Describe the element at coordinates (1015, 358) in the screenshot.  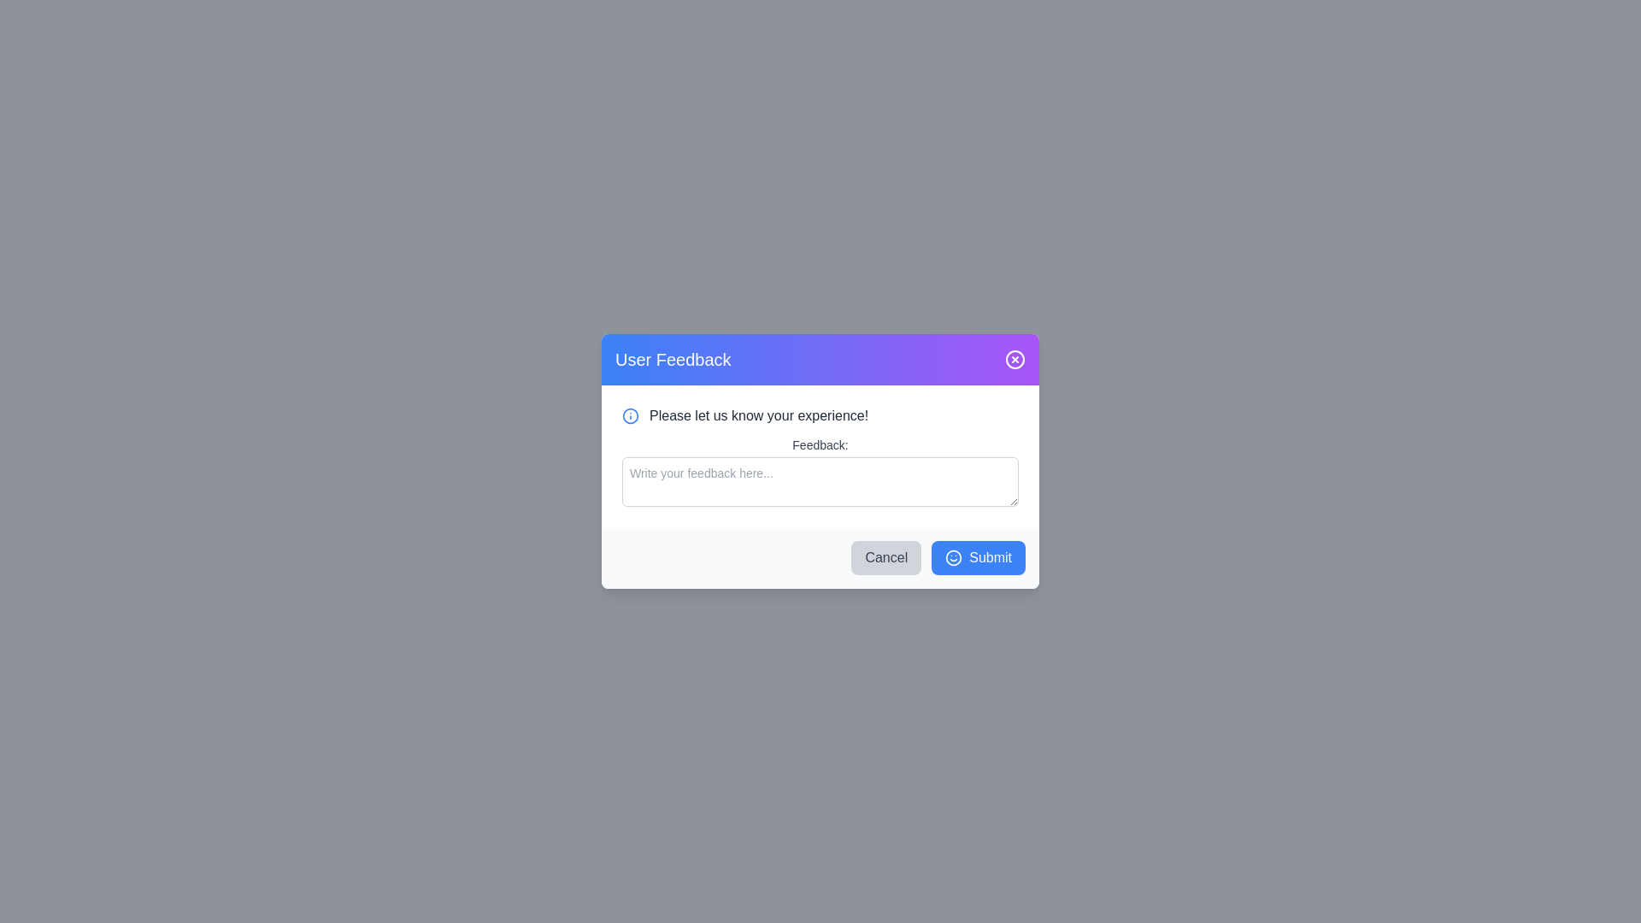
I see `the close button located at the top-right corner of the 'User Feedback' dialog header` at that location.